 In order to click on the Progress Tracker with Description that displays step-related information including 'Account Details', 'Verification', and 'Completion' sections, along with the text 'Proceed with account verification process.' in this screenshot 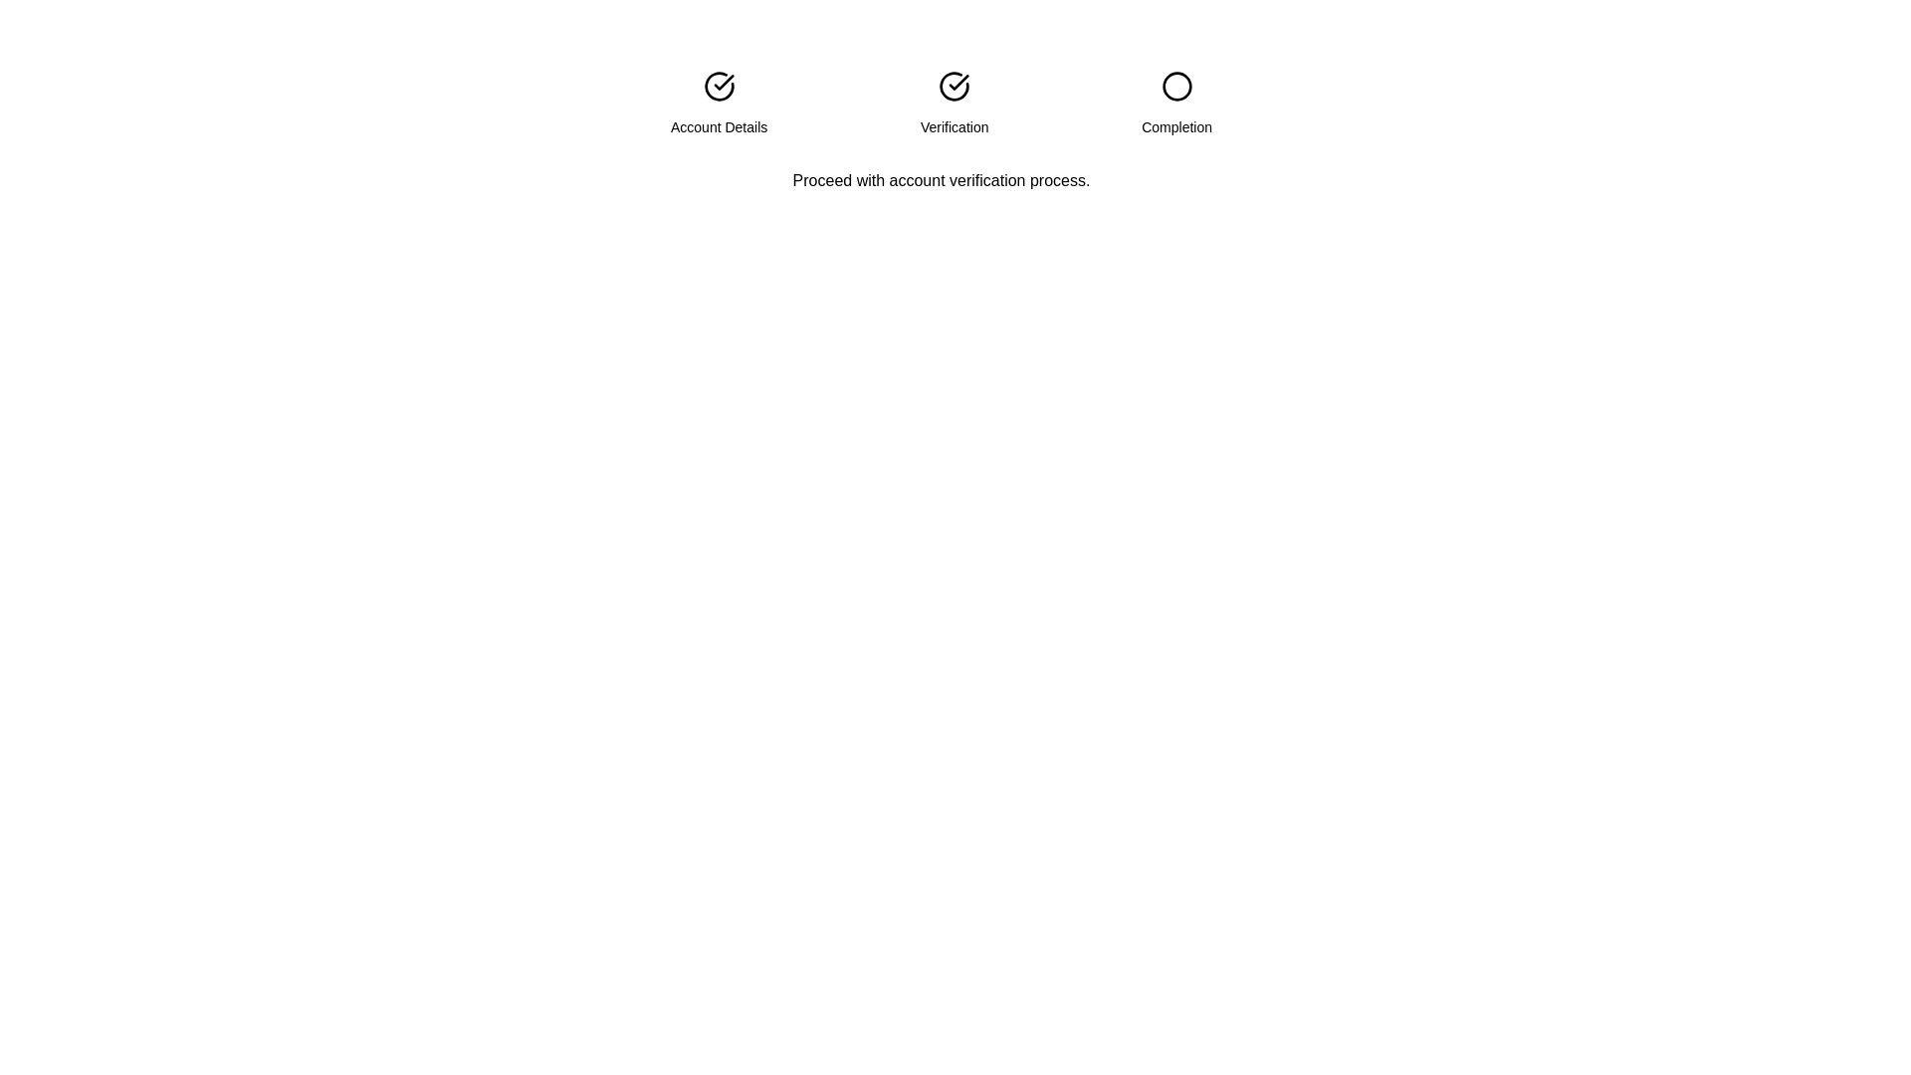, I will do `click(940, 131)`.